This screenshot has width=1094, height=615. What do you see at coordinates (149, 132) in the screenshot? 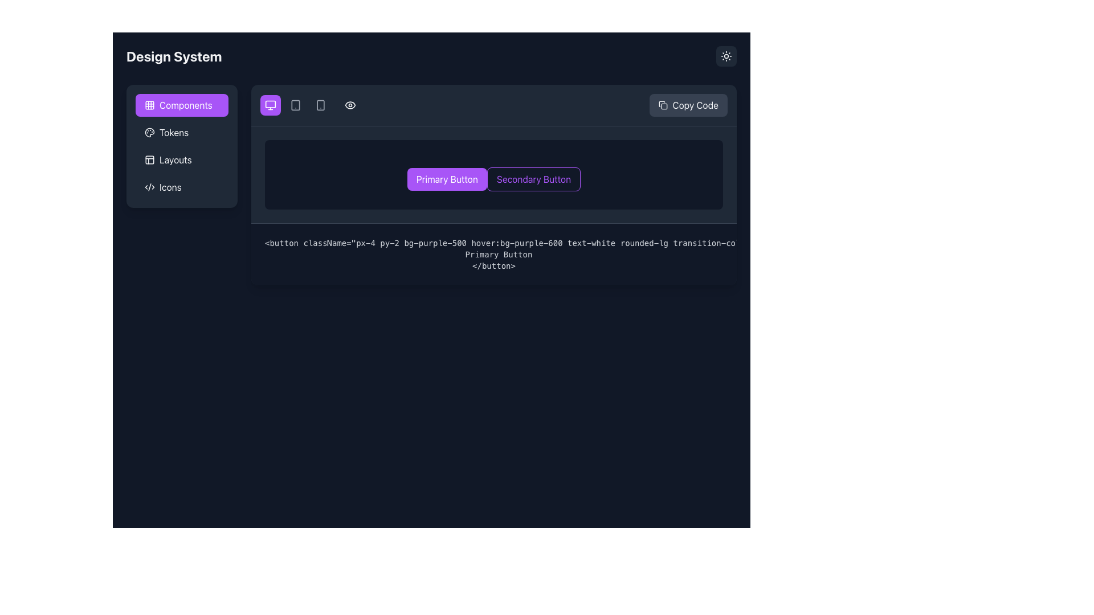
I see `the palette icon located in the left-side navigation panel next to the 'tokens' text label` at bounding box center [149, 132].